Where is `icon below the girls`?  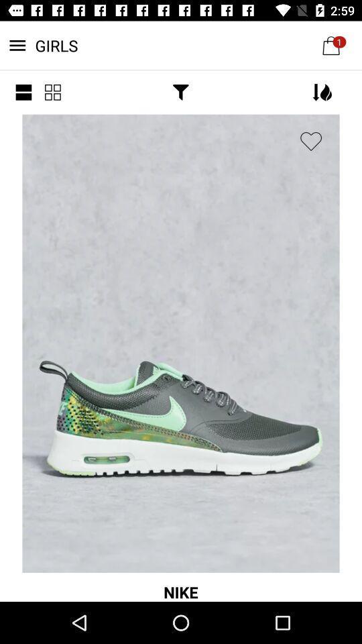 icon below the girls is located at coordinates (23, 91).